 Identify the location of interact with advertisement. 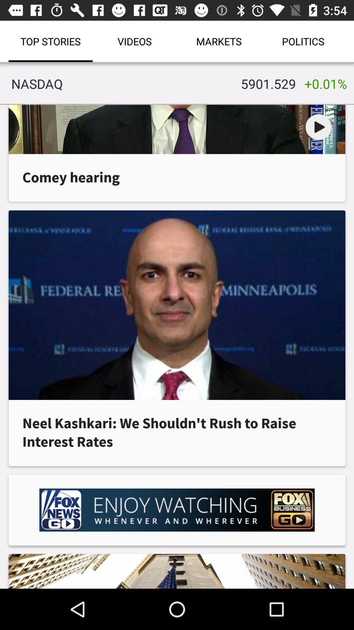
(177, 510).